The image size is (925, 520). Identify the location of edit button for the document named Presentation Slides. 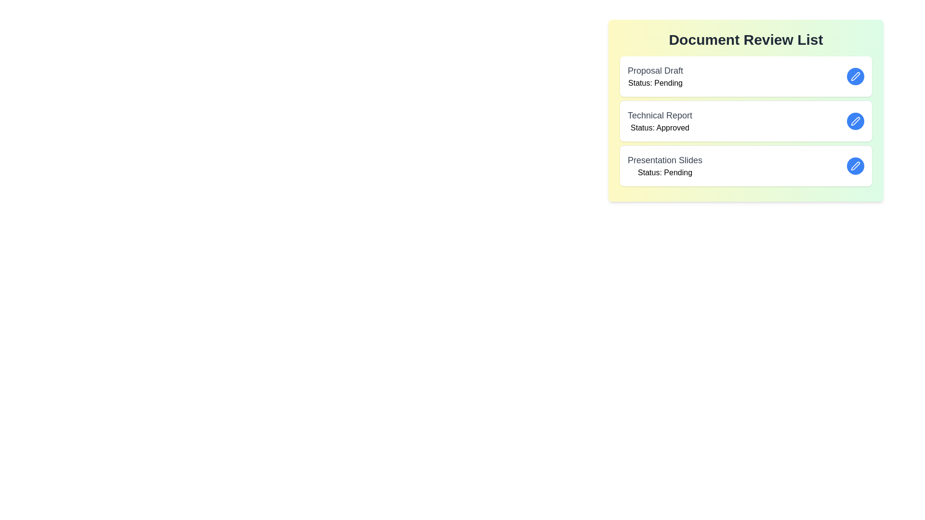
(856, 165).